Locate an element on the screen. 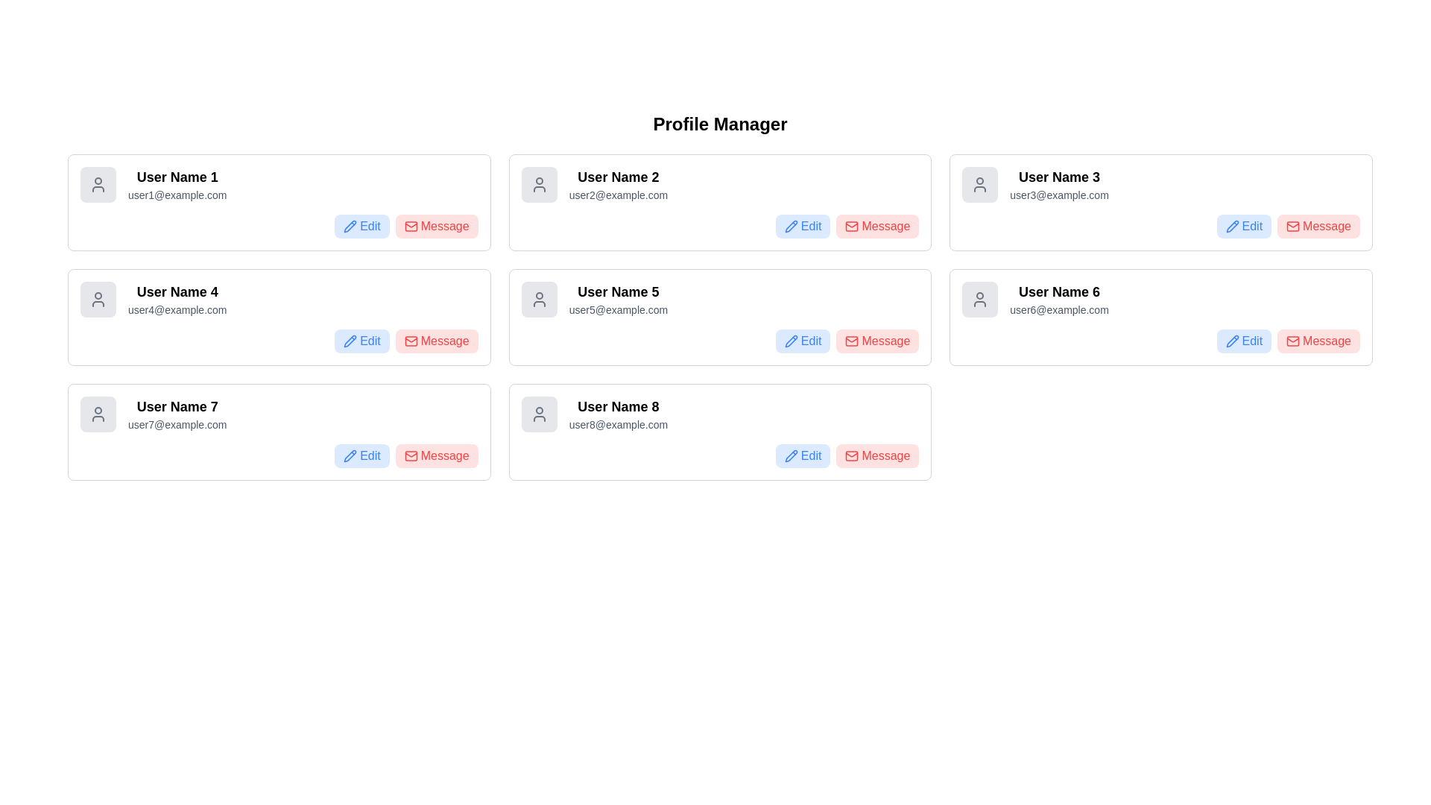 The width and height of the screenshot is (1431, 805). the text label displaying 'User Name 3' which is located at the top of a profile card, positioned above the email address and to the left of action buttons is located at coordinates (1058, 177).